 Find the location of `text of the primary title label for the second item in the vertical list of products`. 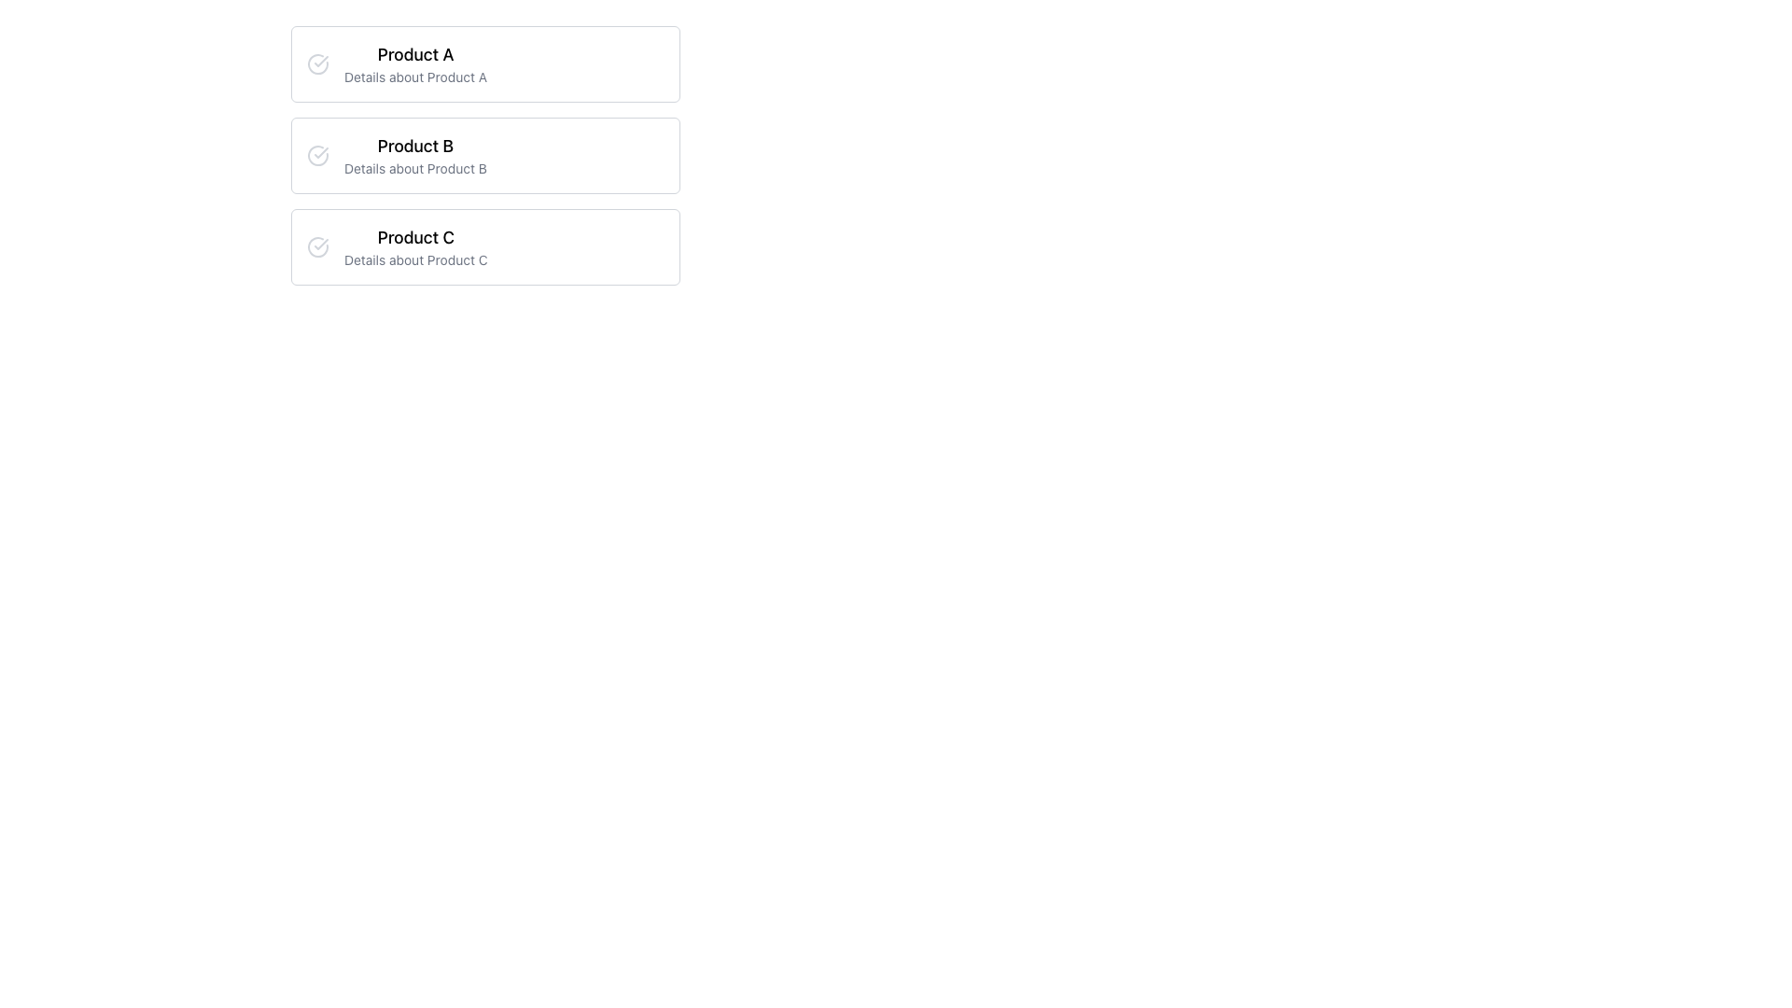

text of the primary title label for the second item in the vertical list of products is located at coordinates (414, 146).